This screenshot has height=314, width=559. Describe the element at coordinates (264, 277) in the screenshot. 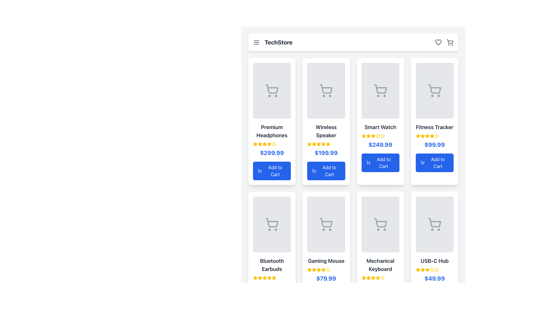

I see `the third star in the five-star rating indicator below the 'Bluetooth Earbuds' product card by moving the cursor to its center point` at that location.